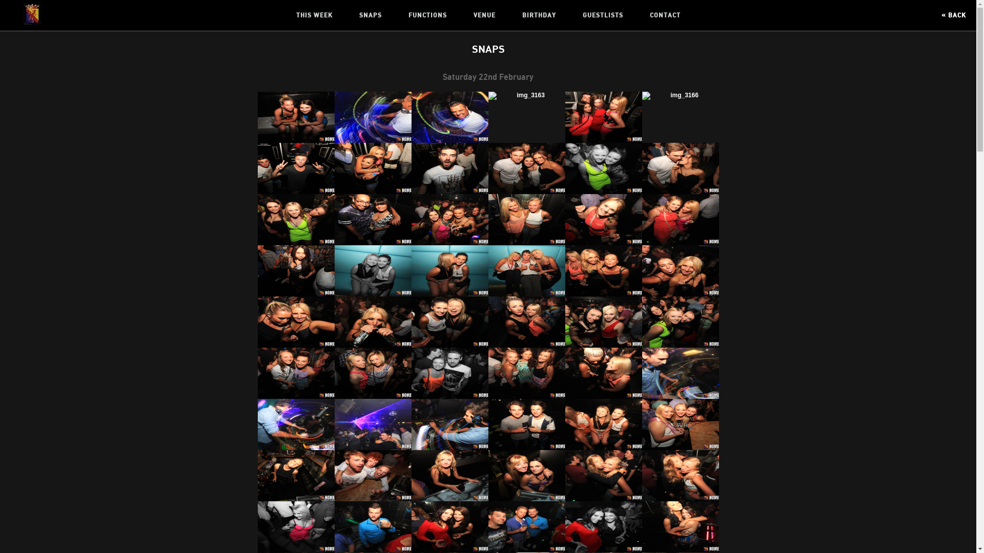  Describe the element at coordinates (449, 167) in the screenshot. I see `' '` at that location.